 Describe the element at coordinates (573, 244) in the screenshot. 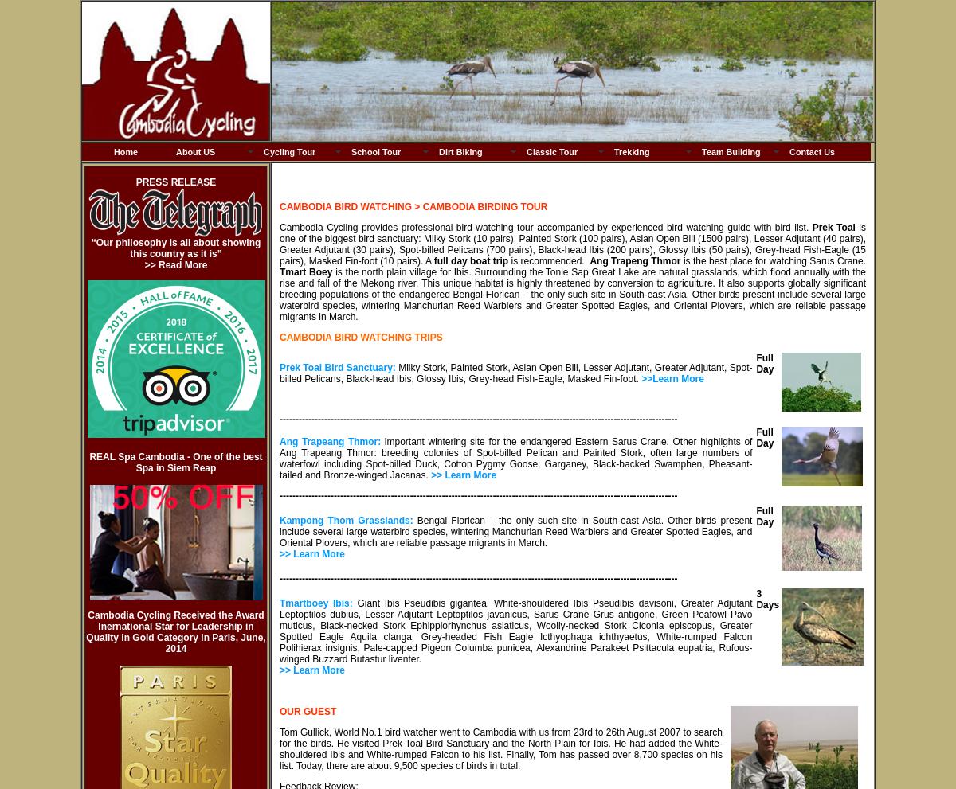

I see `'is one of the biggest bird sanctuary: Milky Stork (10 pairs),   		Painted Stork (100 pairs), Asian Open Bill (1500 pairs), Lesser Adjutant   		(40 pairs), Greater Adjutant (30 pairs), Spot-billed Pelicans (700   		pairs), Black-head Ibis (200 pairs), Glossy Ibis (50 pairs), Grey-head   		Fish-Eagle (15 pairs), Masked Fin-foot (10 pairs). A'` at that location.